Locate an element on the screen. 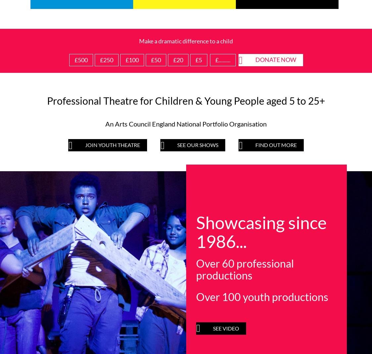  'Professional Theatre for Children & Young People aged 5 to 25+' is located at coordinates (186, 100).